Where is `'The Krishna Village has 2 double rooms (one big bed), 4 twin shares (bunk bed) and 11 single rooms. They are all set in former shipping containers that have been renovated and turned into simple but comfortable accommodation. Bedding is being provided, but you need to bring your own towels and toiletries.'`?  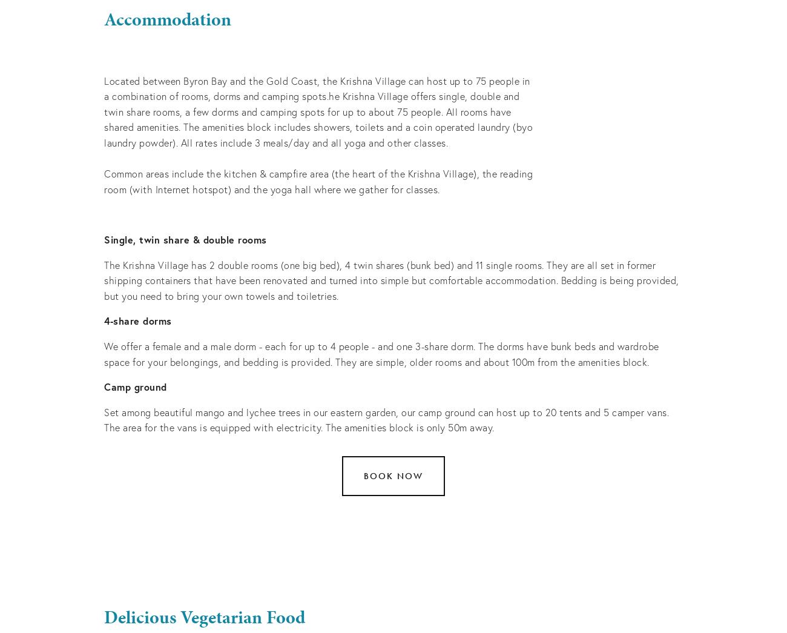
'The Krishna Village has 2 double rooms (one big bed), 4 twin shares (bunk bed) and 11 single rooms. They are all set in former shipping containers that have been renovated and turned into simple but comfortable accommodation. Bedding is being provided, but you need to bring your own towels and toiletries.' is located at coordinates (392, 279).